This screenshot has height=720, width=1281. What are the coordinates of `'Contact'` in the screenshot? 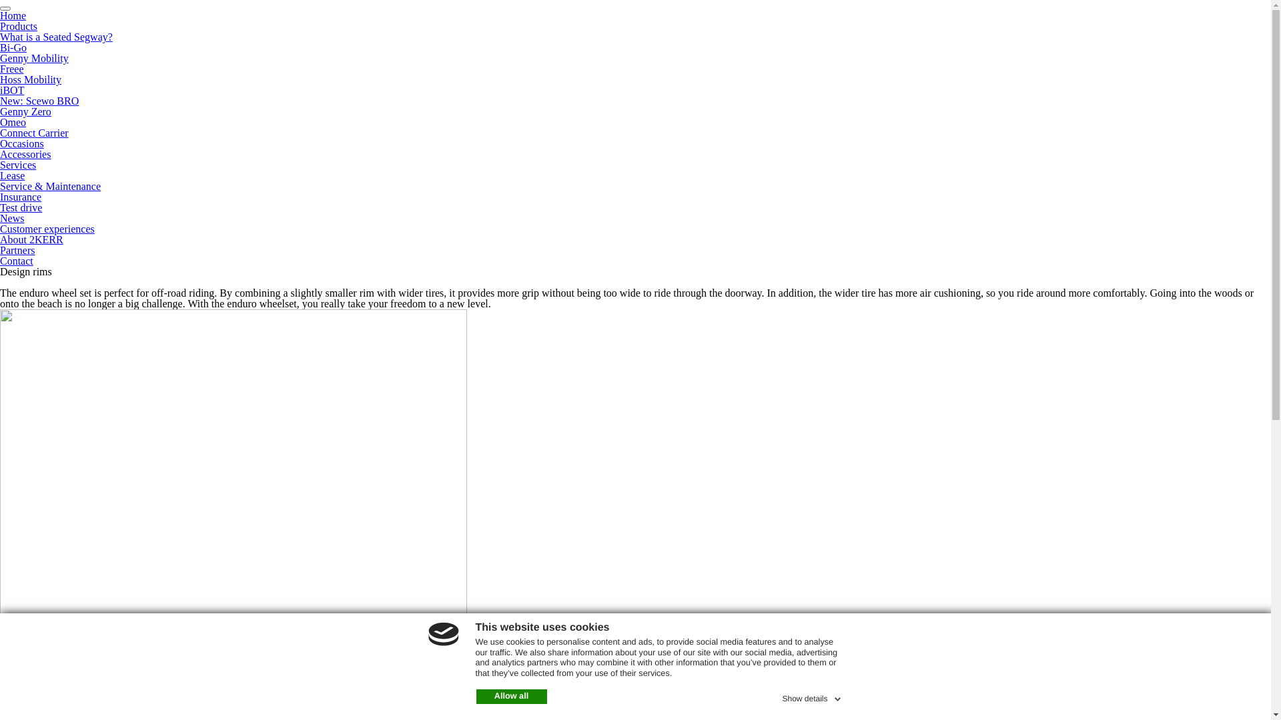 It's located at (16, 261).